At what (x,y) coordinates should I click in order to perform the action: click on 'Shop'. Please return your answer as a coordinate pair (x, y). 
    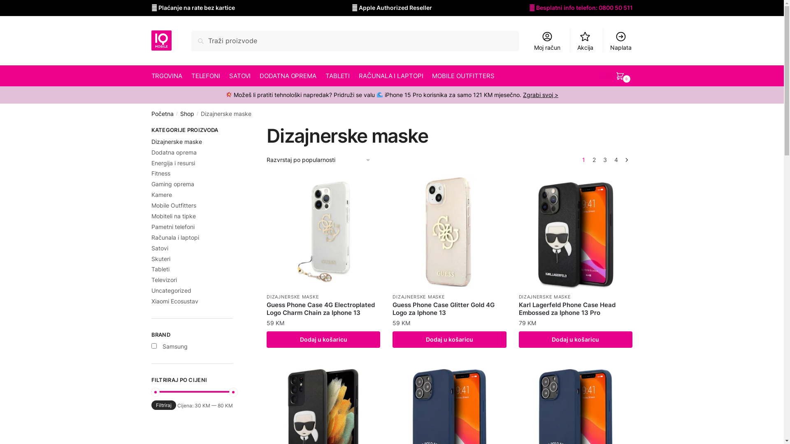
    Looking at the image, I should click on (187, 113).